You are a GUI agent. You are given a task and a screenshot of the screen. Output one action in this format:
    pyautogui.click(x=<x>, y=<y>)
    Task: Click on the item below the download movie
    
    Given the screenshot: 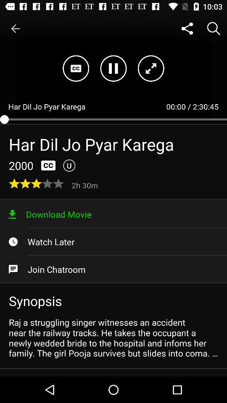 What is the action you would take?
    pyautogui.click(x=113, y=242)
    